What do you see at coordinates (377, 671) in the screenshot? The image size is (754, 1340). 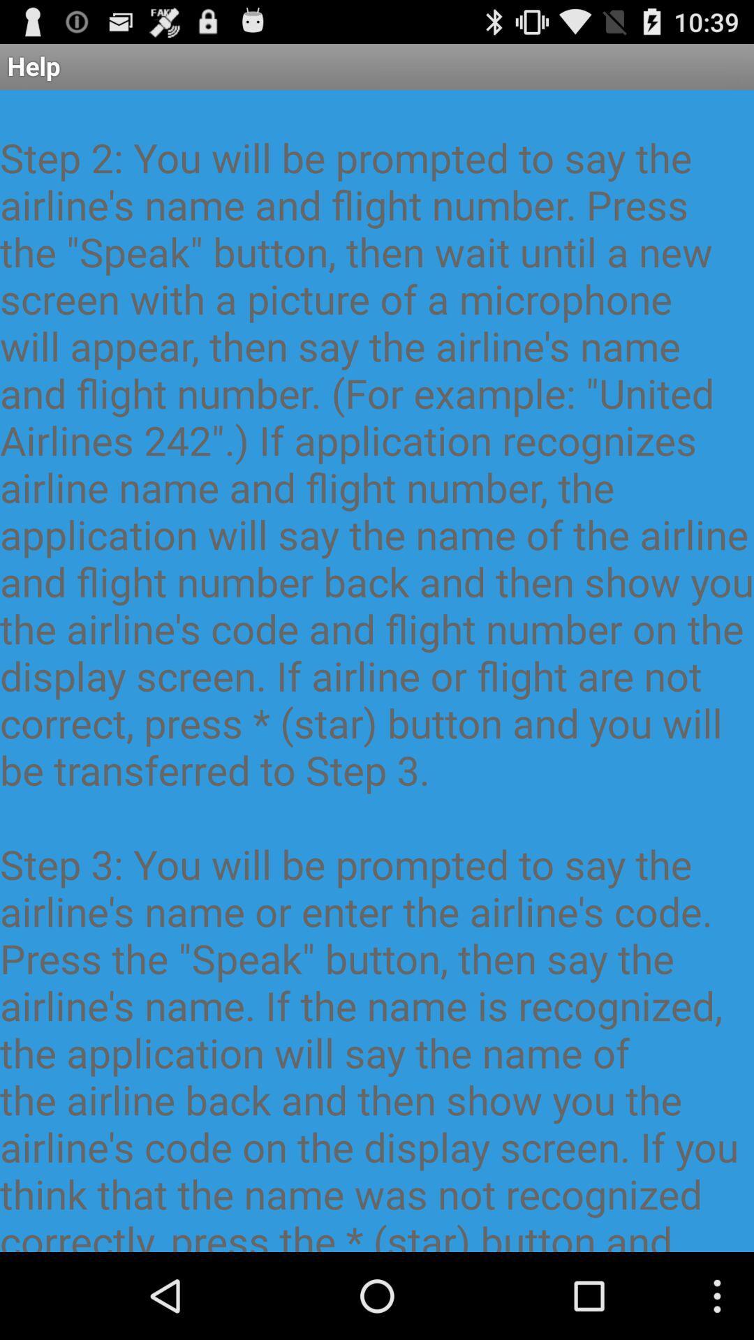 I see `item below the help app` at bounding box center [377, 671].